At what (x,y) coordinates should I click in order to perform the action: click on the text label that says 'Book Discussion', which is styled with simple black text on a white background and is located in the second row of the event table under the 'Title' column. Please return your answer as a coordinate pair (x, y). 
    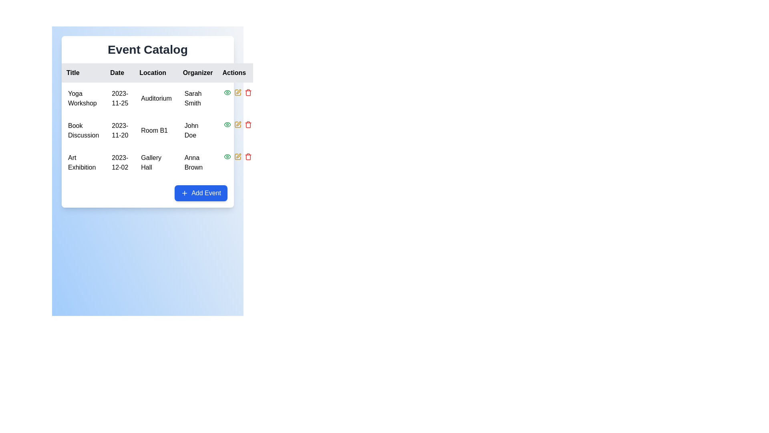
    Looking at the image, I should click on (83, 130).